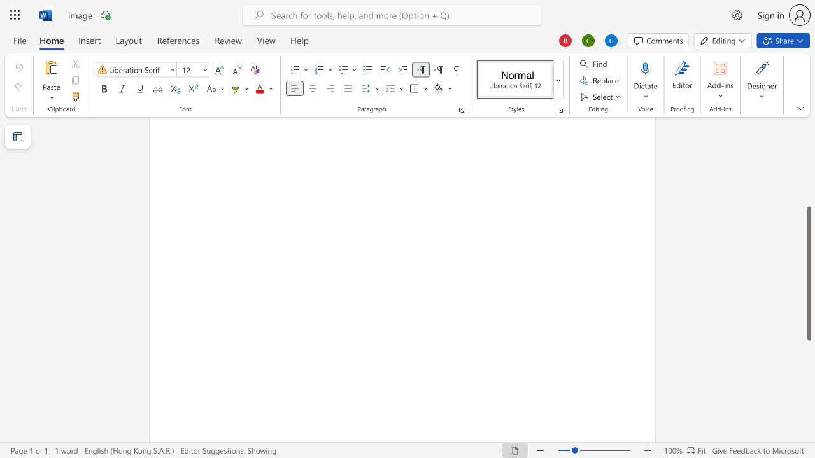 The image size is (815, 458). What do you see at coordinates (808, 145) in the screenshot?
I see `the scrollbar on the side` at bounding box center [808, 145].